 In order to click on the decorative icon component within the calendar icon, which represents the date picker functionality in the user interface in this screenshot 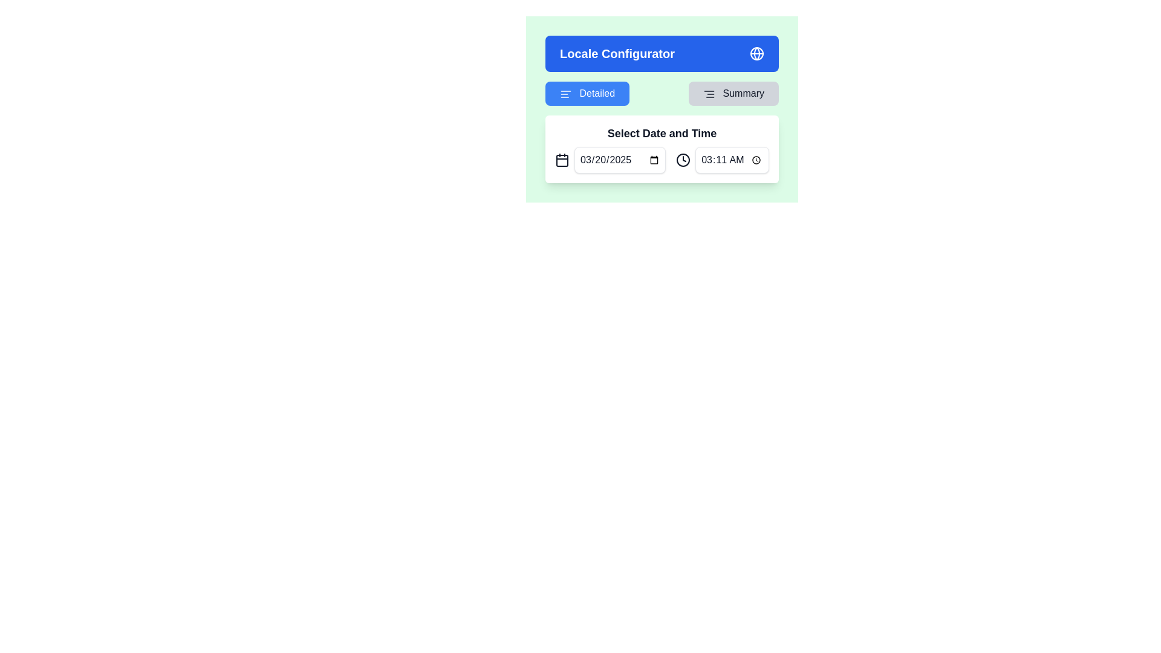, I will do `click(562, 160)`.